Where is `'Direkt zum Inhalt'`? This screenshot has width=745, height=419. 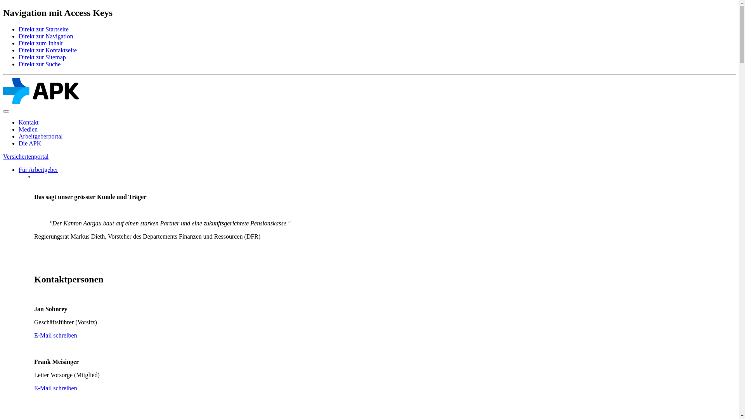 'Direkt zum Inhalt' is located at coordinates (40, 43).